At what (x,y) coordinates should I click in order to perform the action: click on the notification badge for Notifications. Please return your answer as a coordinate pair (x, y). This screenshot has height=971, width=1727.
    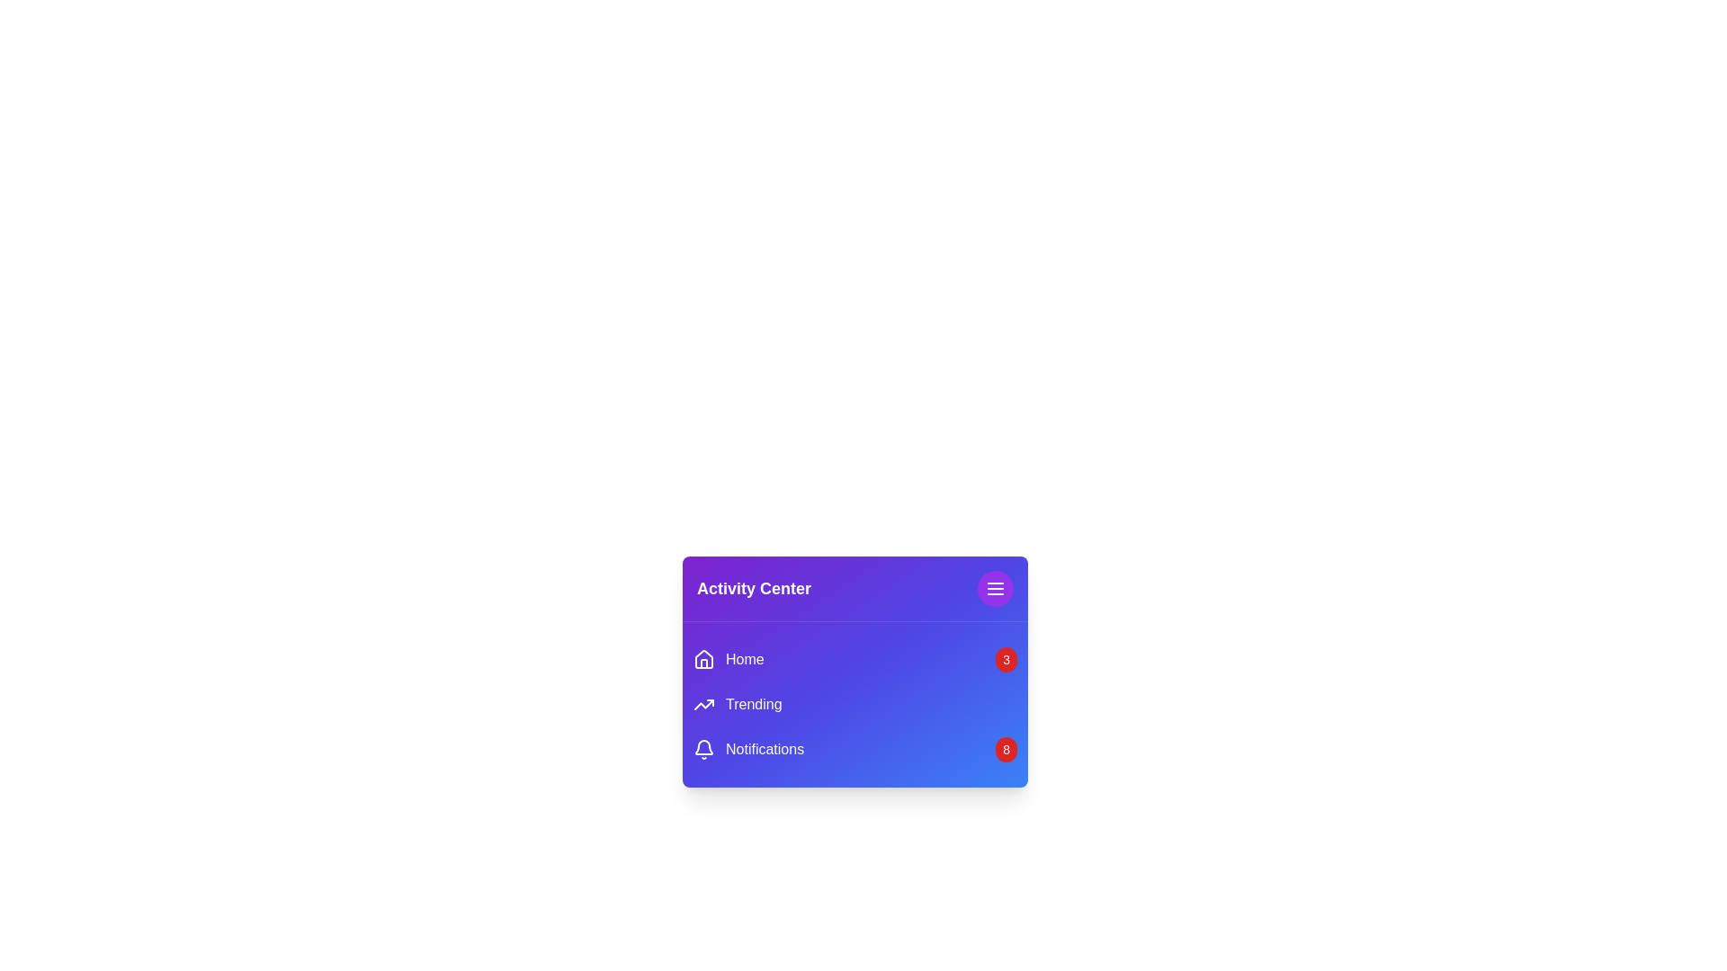
    Looking at the image, I should click on (1005, 749).